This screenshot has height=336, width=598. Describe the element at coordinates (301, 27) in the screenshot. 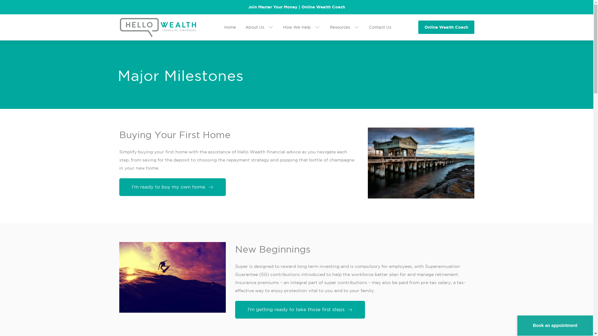

I see `'How We Help'` at that location.